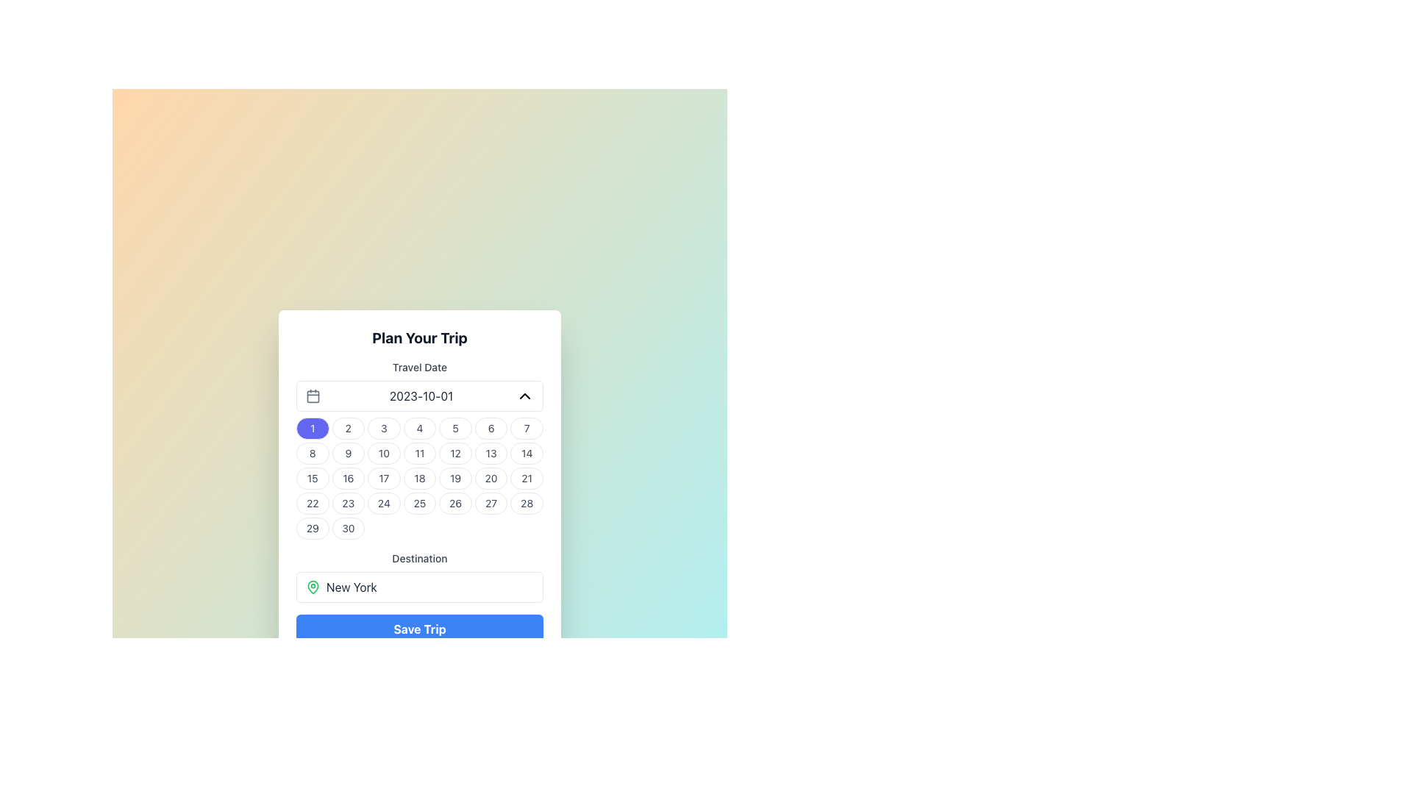 The image size is (1412, 794). I want to click on the circular button displaying the number '18' in the calendar grid, so click(419, 479).